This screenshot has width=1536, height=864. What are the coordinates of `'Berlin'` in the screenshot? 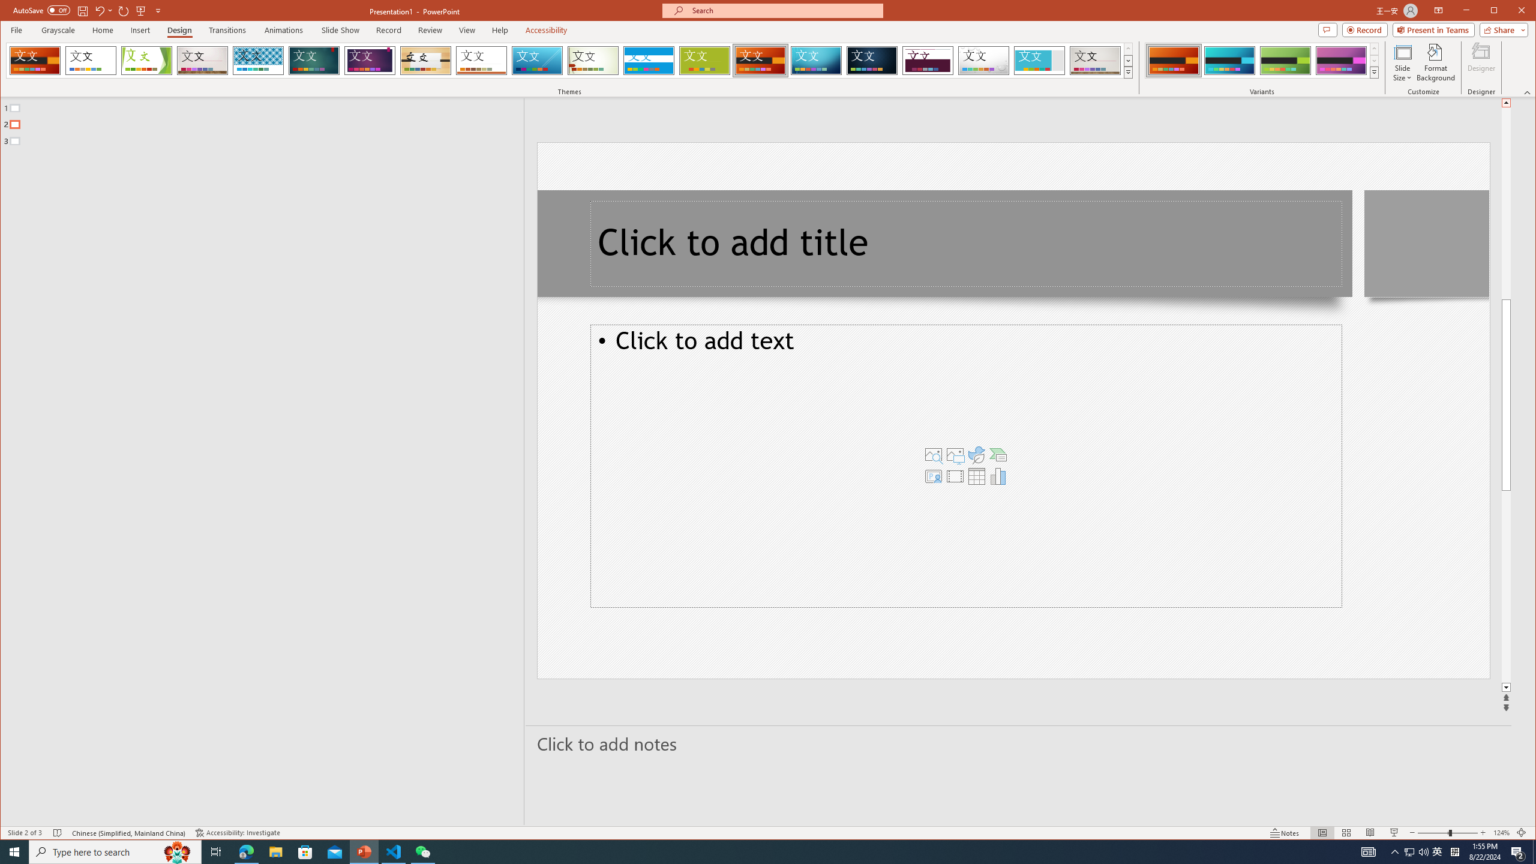 It's located at (760, 60).